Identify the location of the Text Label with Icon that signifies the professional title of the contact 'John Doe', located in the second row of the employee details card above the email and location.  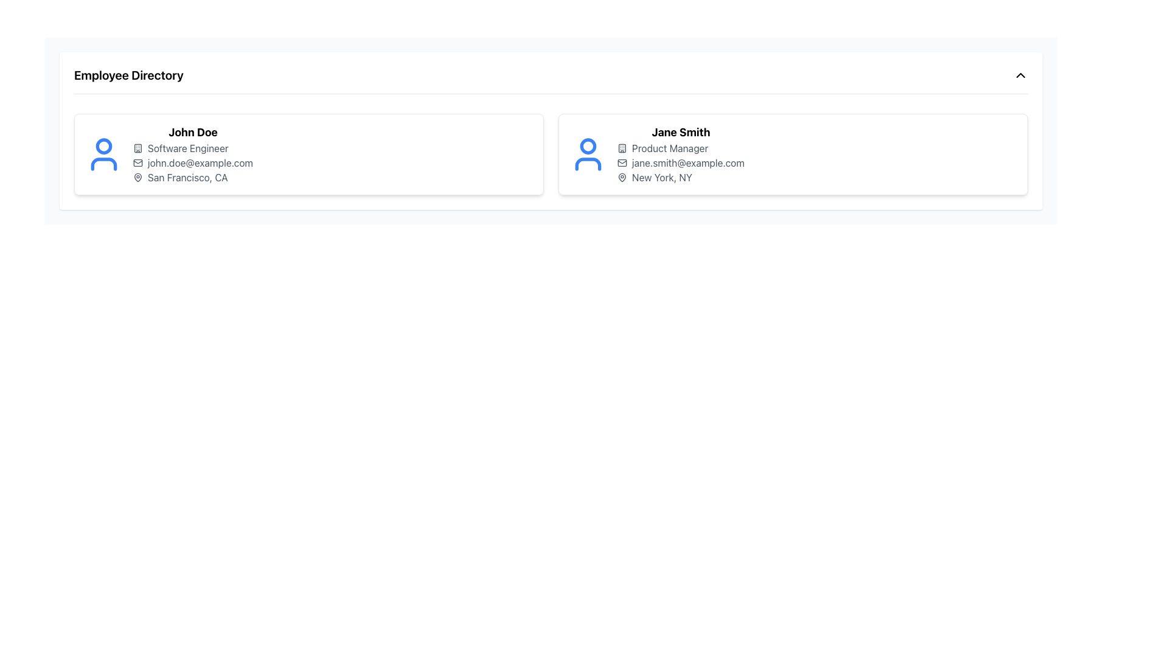
(192, 147).